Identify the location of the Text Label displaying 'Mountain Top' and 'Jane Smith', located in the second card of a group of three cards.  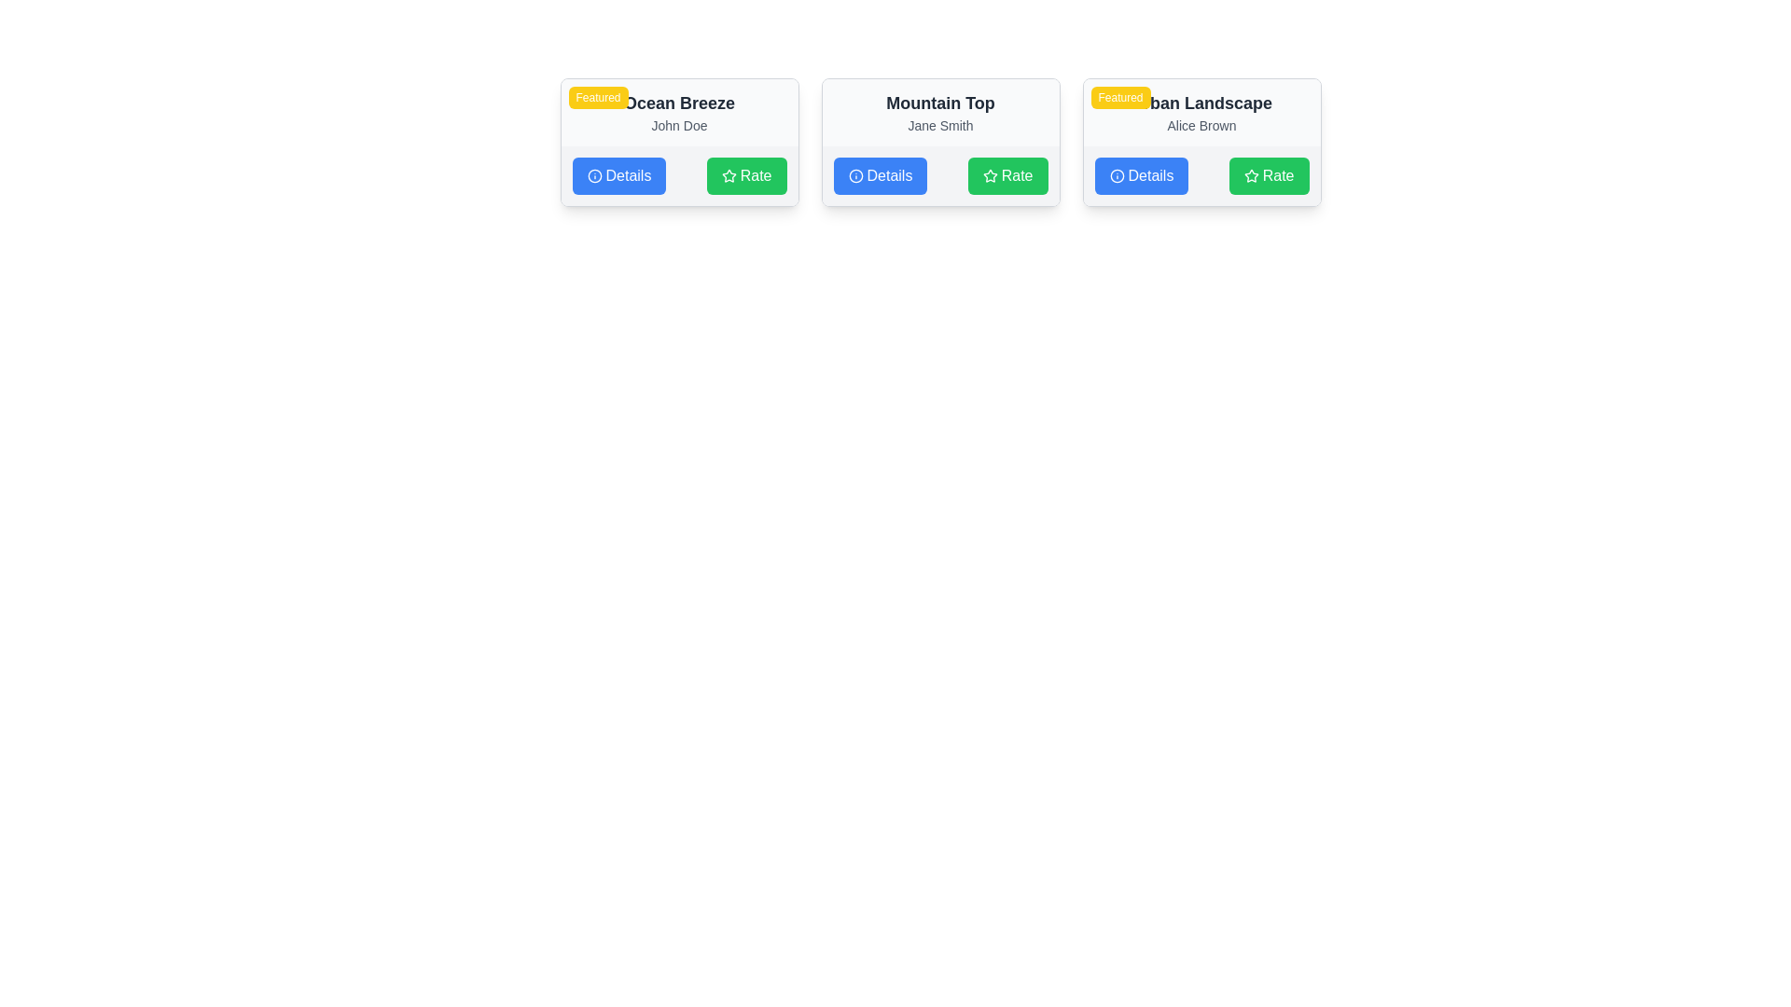
(940, 112).